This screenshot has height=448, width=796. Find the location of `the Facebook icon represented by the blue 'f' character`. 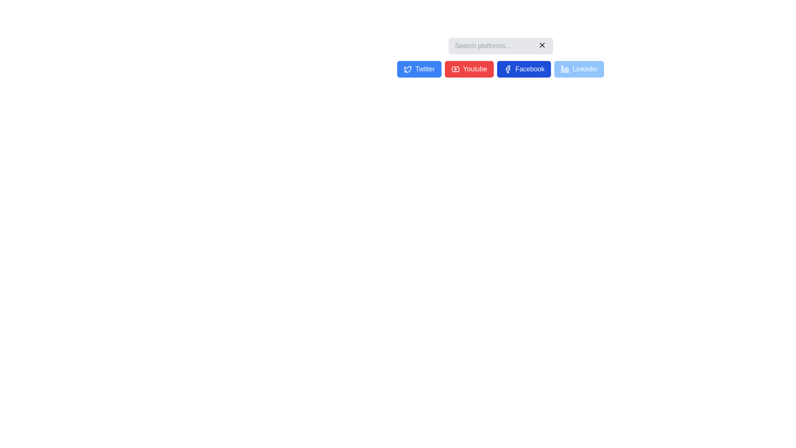

the Facebook icon represented by the blue 'f' character is located at coordinates (507, 68).